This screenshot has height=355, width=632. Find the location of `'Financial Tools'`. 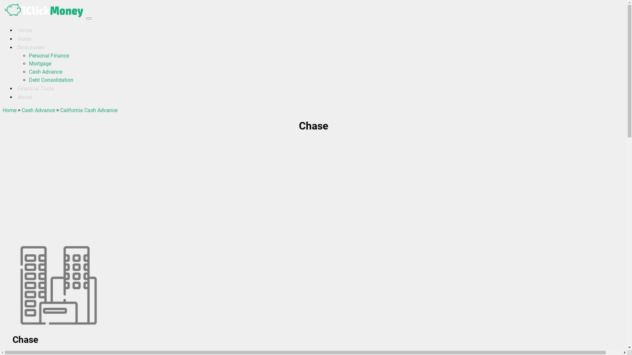

'Financial Tools' is located at coordinates (36, 88).